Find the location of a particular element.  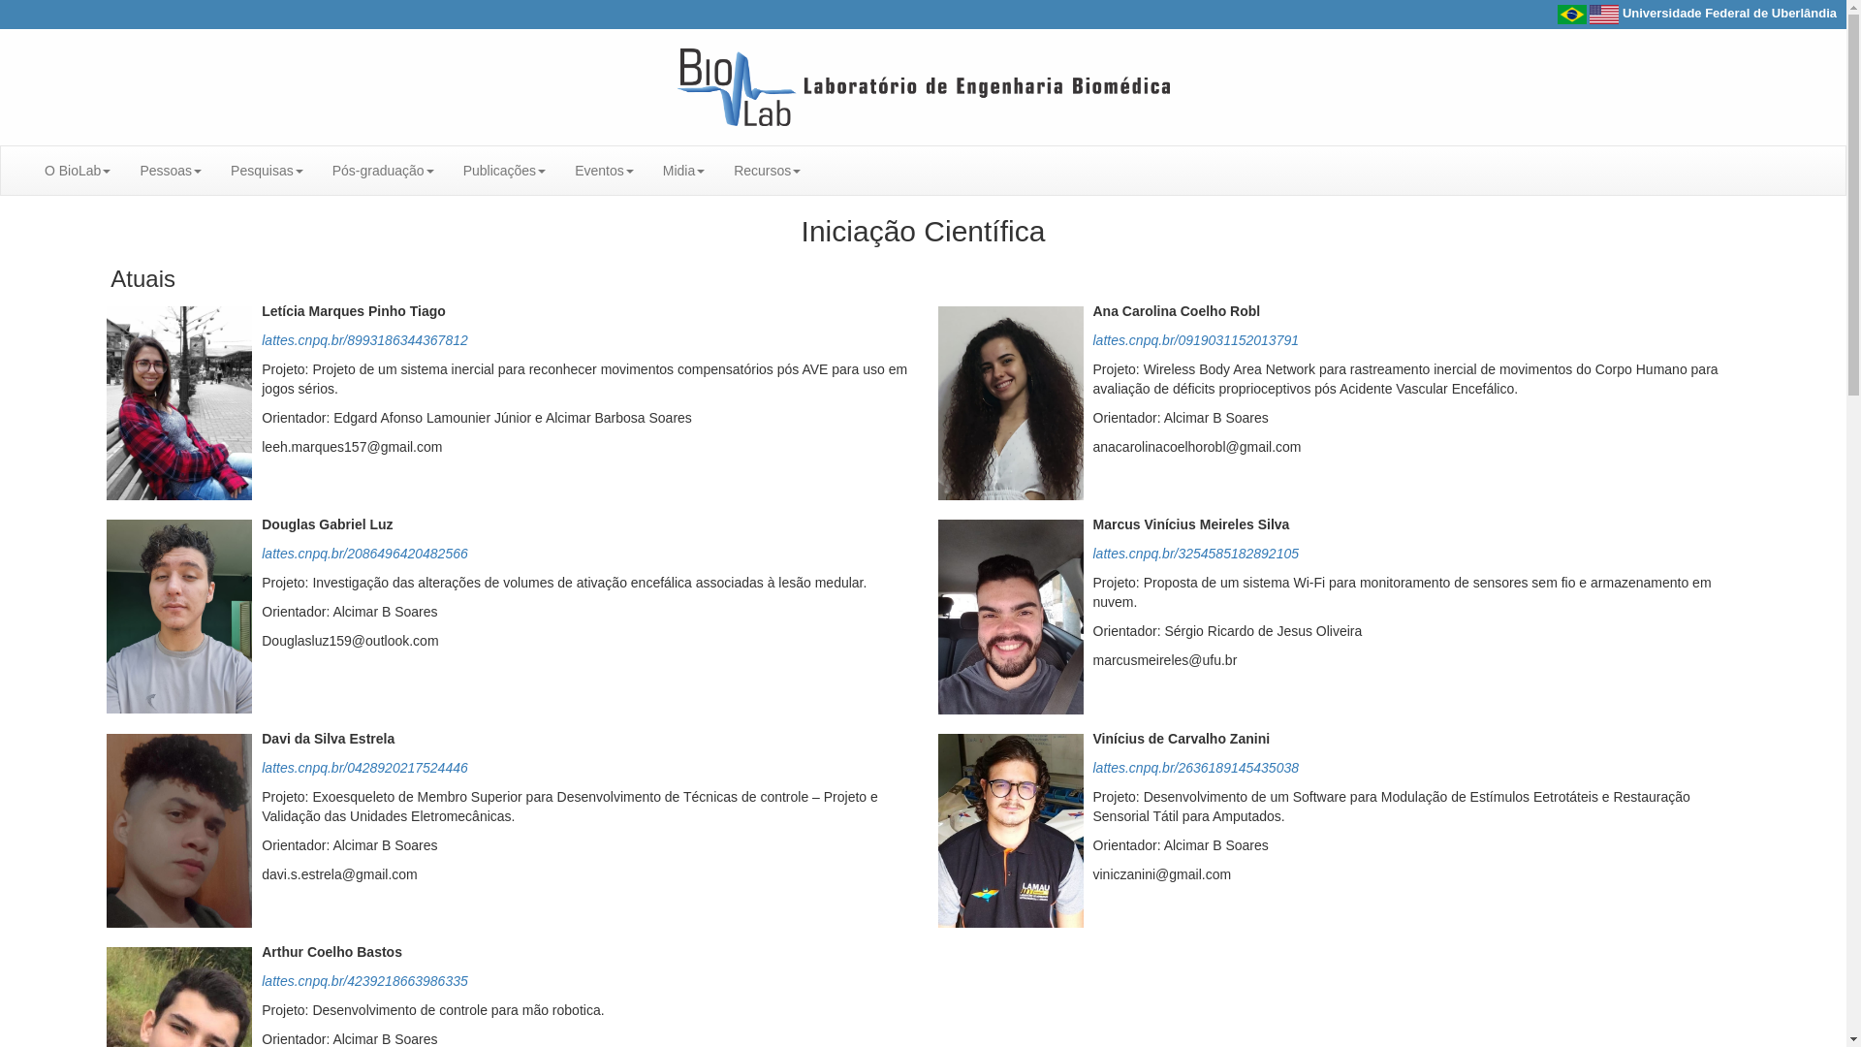

'lattes.cnpq.br/2086496420482566' is located at coordinates (260, 553).